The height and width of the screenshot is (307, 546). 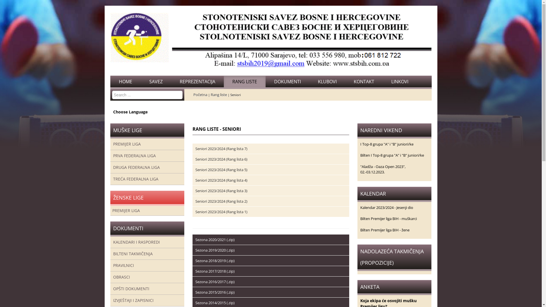 What do you see at coordinates (386, 207) in the screenshot?
I see `'Kalendar 2023/2024 - Jesenji dio'` at bounding box center [386, 207].